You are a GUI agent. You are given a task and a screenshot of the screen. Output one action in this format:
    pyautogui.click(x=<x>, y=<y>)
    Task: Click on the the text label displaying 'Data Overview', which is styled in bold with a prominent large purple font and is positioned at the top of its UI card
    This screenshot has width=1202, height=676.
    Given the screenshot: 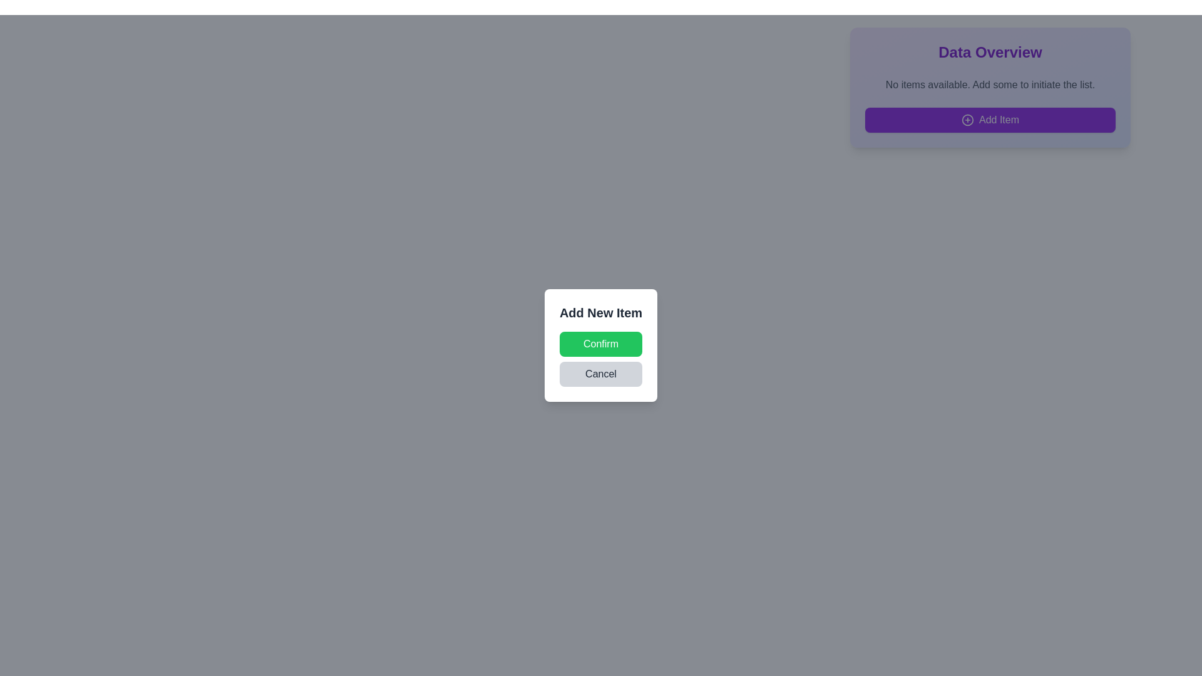 What is the action you would take?
    pyautogui.click(x=990, y=52)
    